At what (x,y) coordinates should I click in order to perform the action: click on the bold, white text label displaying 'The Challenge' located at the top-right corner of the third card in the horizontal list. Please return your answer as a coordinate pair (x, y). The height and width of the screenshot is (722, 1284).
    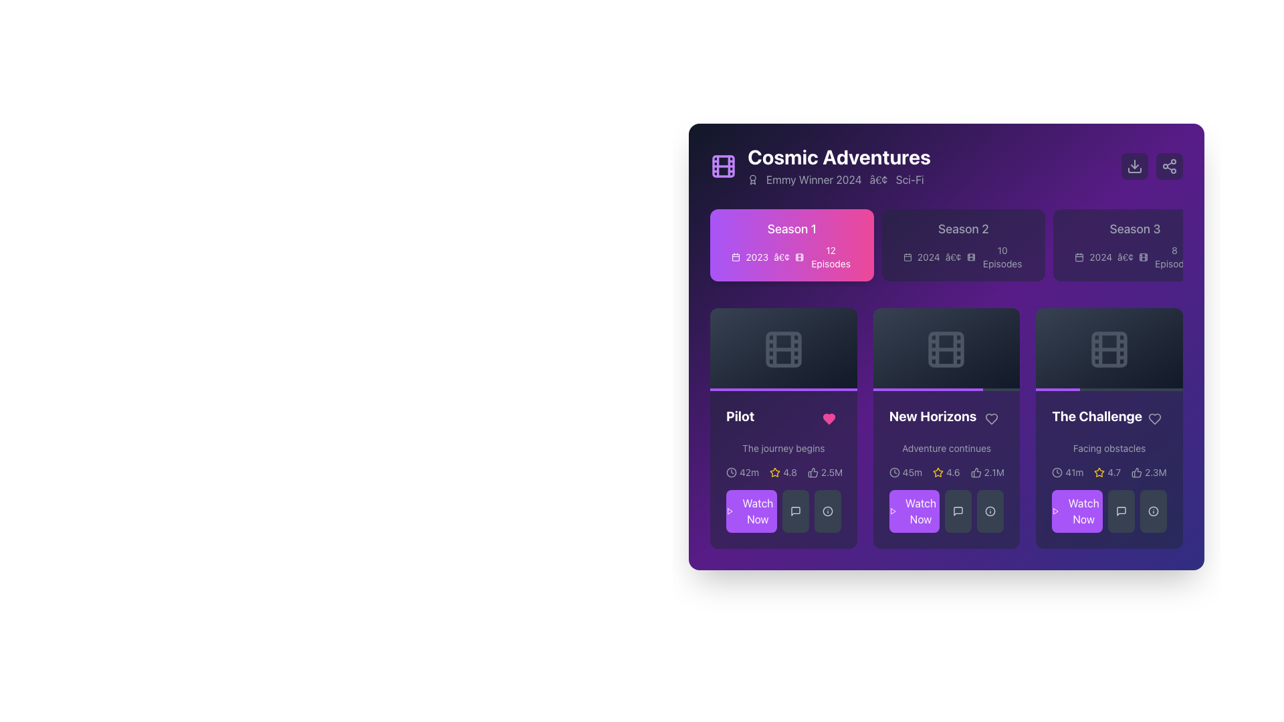
    Looking at the image, I should click on (1097, 415).